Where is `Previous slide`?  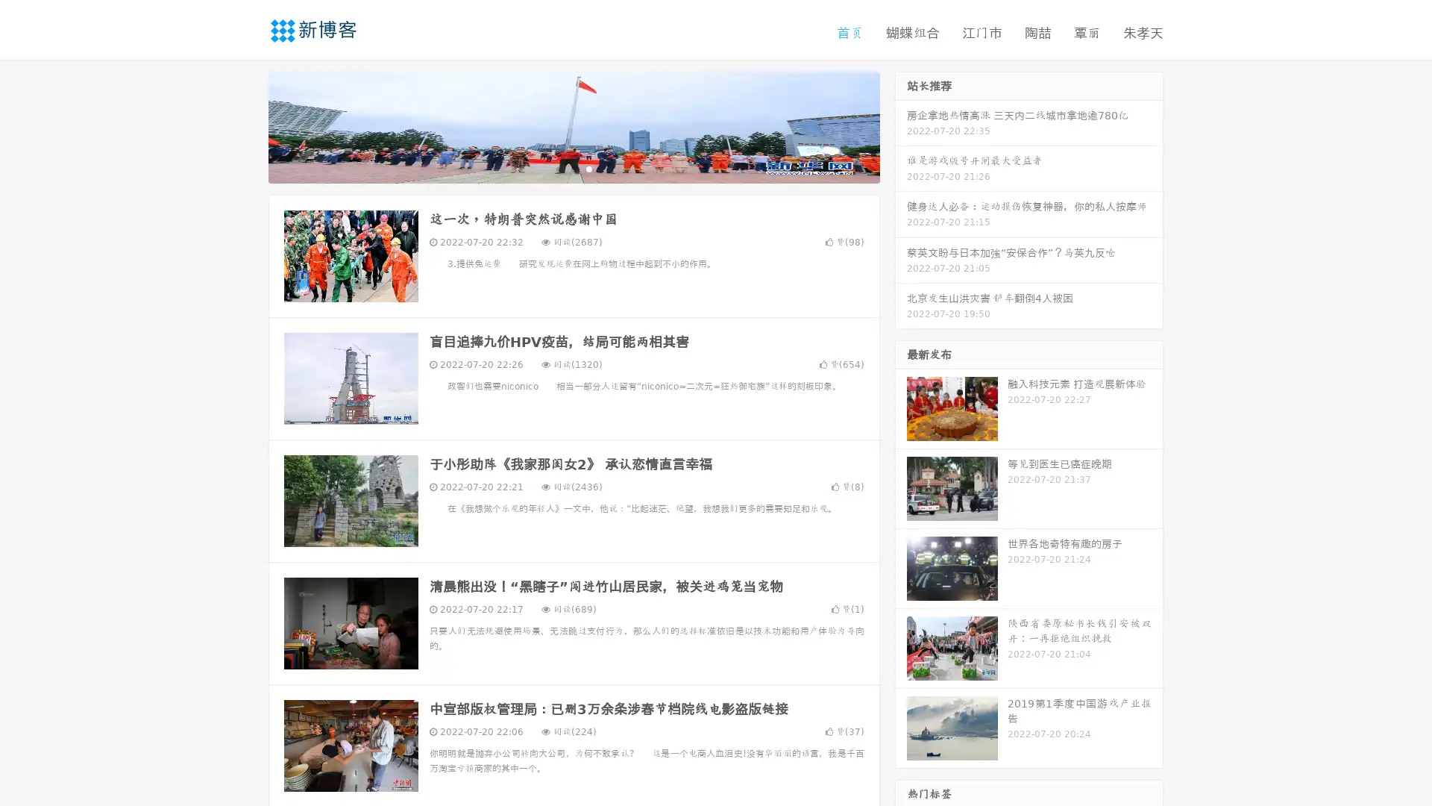 Previous slide is located at coordinates (246, 125).